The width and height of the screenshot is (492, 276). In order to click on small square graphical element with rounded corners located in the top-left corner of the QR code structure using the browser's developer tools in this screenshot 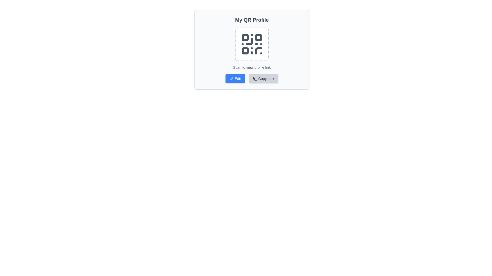, I will do `click(245, 37)`.